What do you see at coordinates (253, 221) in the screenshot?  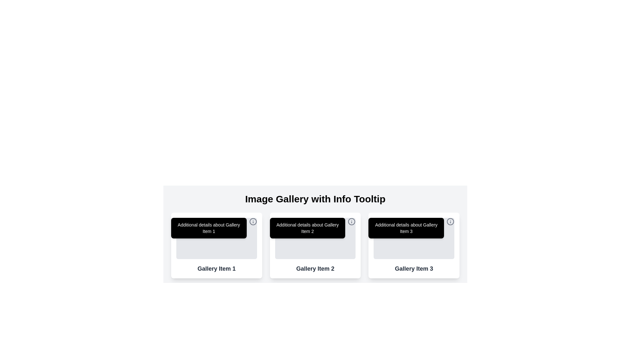 I see `the info icon located in the top-right corner of the card for 'Gallery Item 1'` at bounding box center [253, 221].